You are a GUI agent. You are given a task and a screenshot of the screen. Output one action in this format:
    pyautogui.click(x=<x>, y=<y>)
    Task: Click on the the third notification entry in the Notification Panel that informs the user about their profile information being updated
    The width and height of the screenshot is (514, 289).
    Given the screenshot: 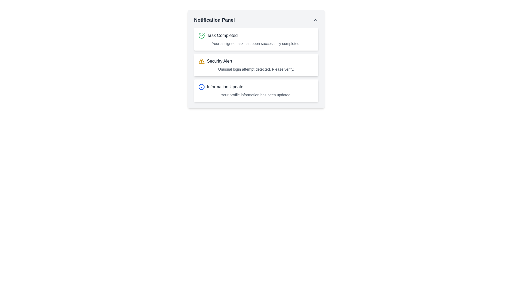 What is the action you would take?
    pyautogui.click(x=256, y=90)
    